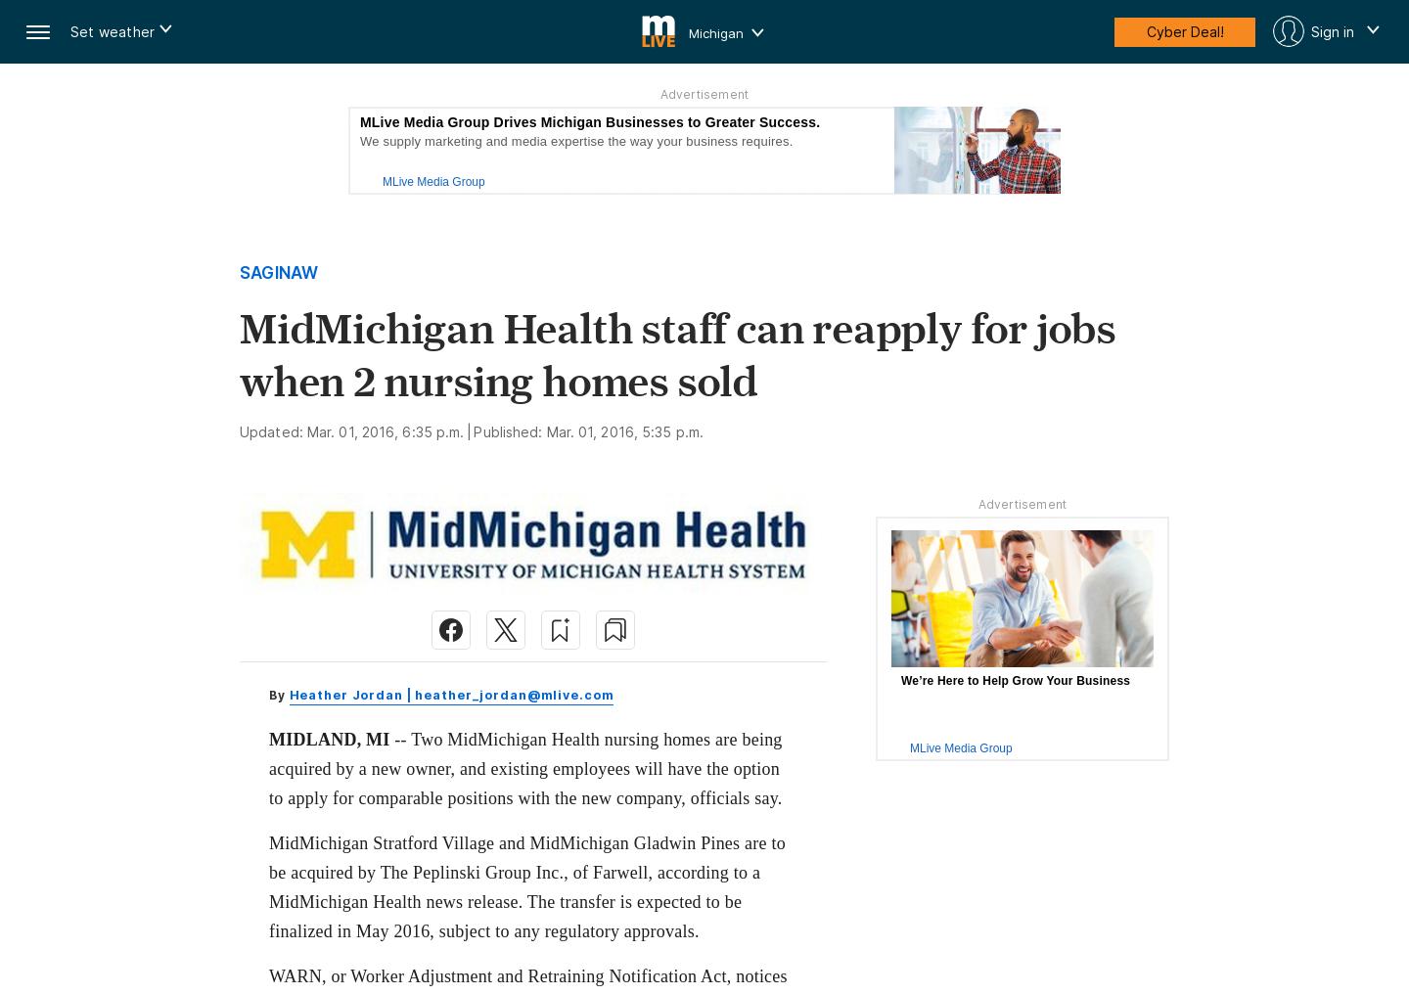 The width and height of the screenshot is (1409, 995). Describe the element at coordinates (554, 726) in the screenshot. I see `'Subscribers can gift articles to anyone'` at that location.